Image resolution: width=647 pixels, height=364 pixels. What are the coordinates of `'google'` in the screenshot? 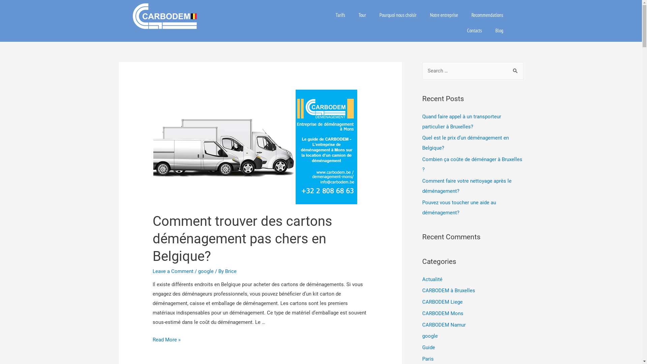 It's located at (198, 271).